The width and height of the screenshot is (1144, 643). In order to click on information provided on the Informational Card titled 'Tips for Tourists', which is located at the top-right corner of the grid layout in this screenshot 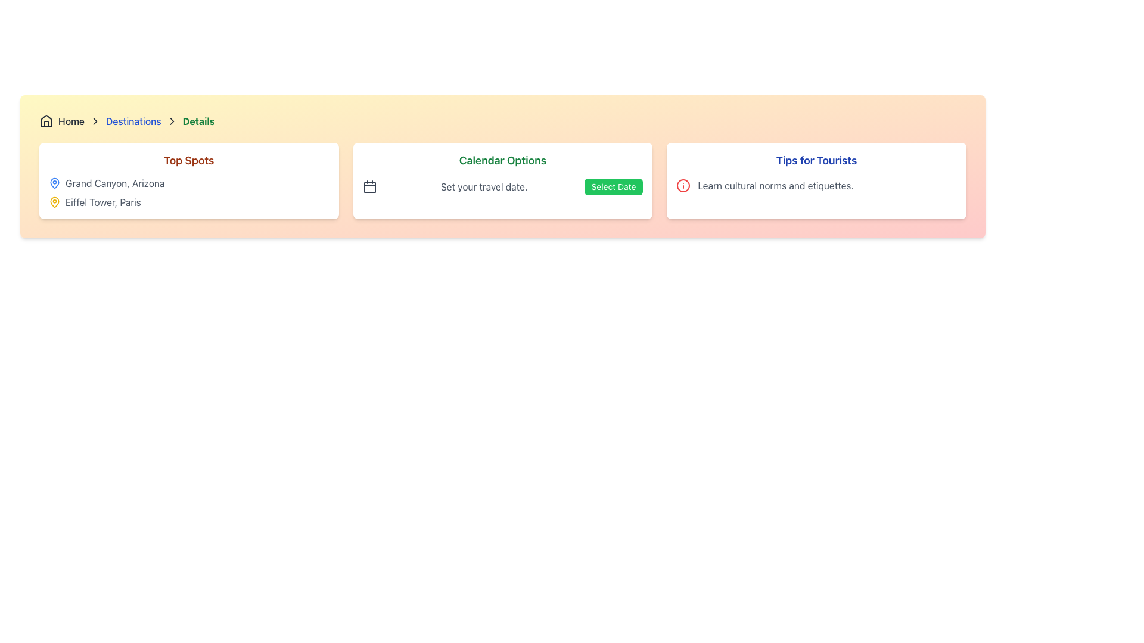, I will do `click(816, 181)`.